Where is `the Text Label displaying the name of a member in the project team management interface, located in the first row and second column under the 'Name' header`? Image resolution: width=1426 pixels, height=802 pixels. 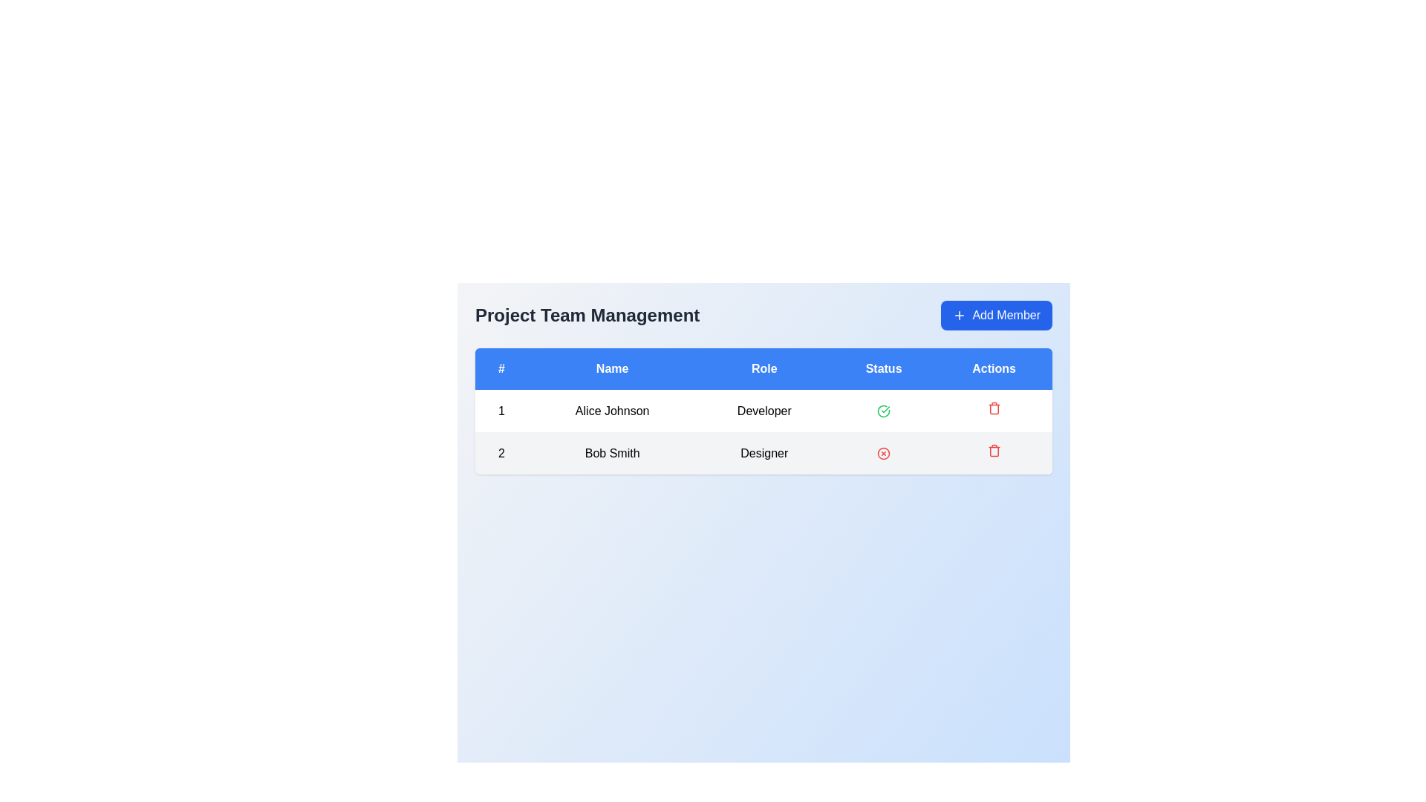
the Text Label displaying the name of a member in the project team management interface, located in the first row and second column under the 'Name' header is located at coordinates (612, 411).